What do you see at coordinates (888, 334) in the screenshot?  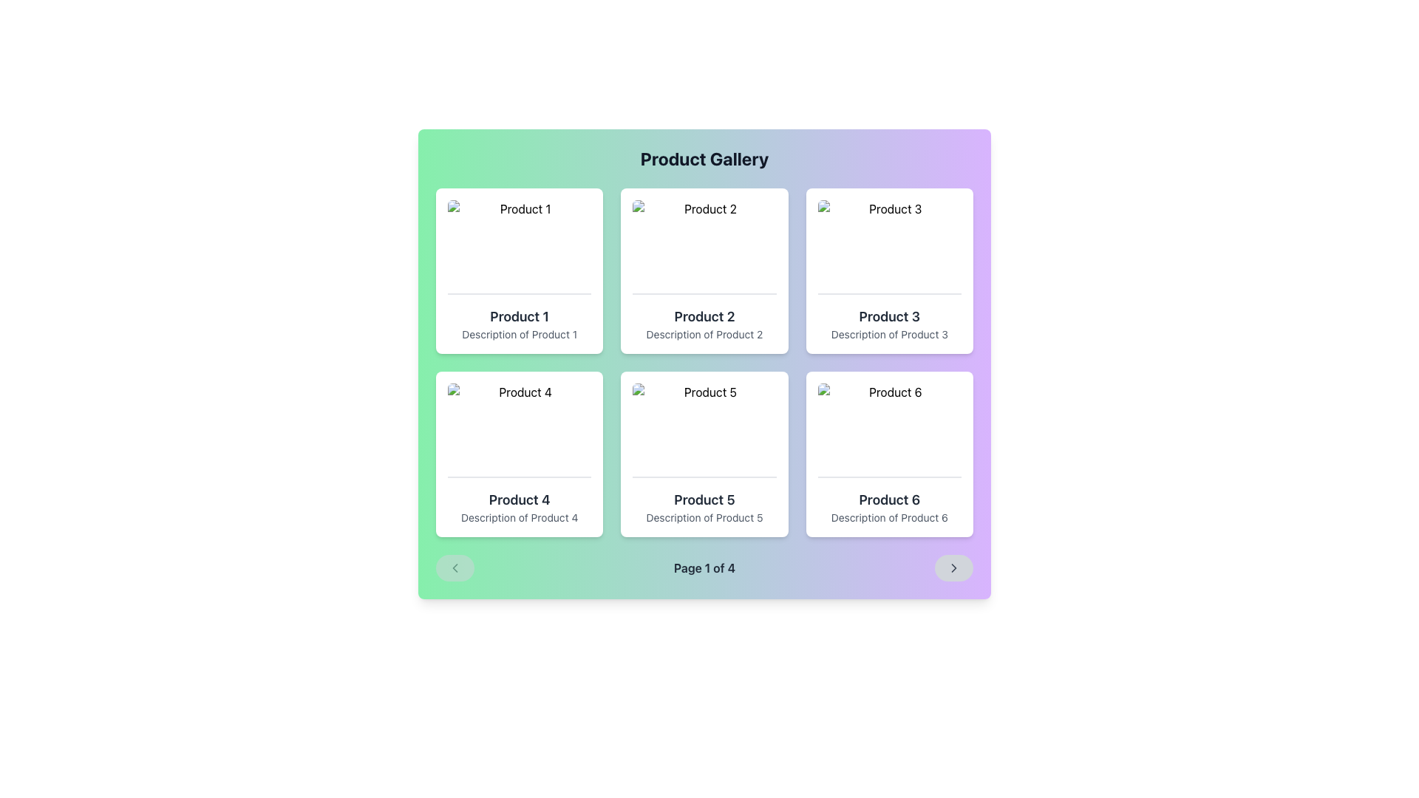 I see `the non-interactive text label displaying information about 'Product 3', located in the third card of a grid layout, second row, last column` at bounding box center [888, 334].